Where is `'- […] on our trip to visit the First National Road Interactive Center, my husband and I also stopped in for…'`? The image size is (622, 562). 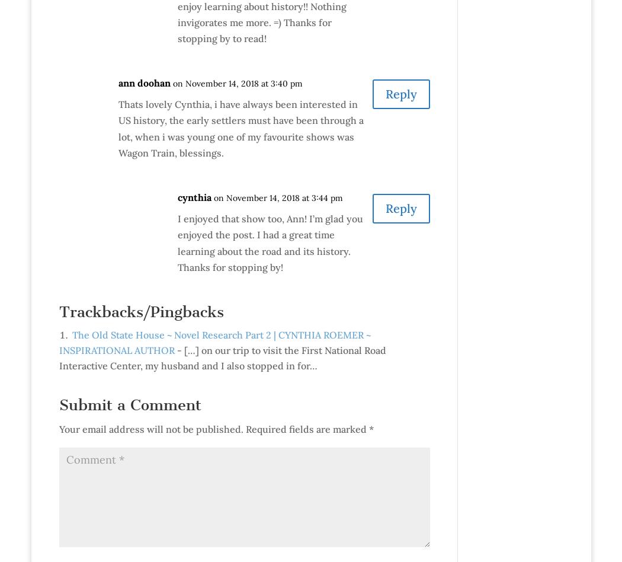
'- […] on our trip to visit the First National Road Interactive Center, my husband and I also stopped in for…' is located at coordinates (59, 357).